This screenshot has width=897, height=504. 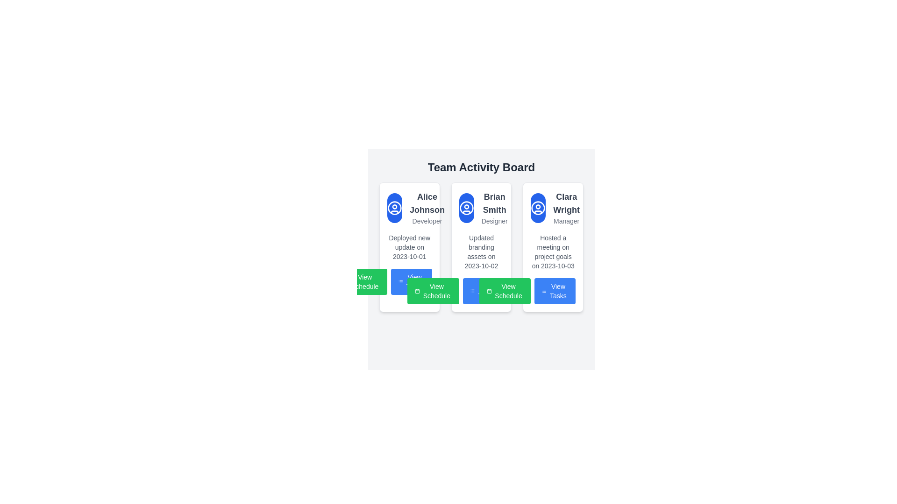 What do you see at coordinates (409, 246) in the screenshot?
I see `the text label displaying 'Deployed new update on 2023-10-01' located below the 'Developer' role indicator in Alice Johnson's user card` at bounding box center [409, 246].